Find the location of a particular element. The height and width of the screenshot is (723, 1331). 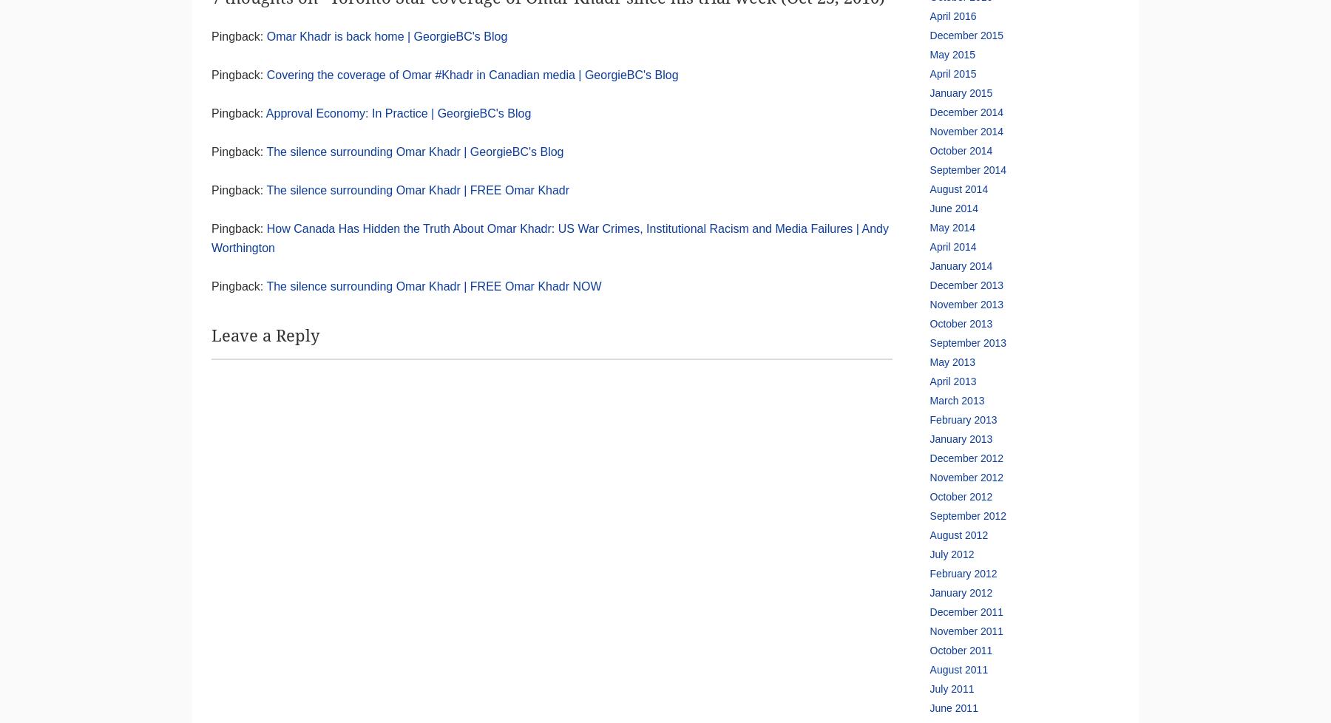

'November 2012' is located at coordinates (966, 477).